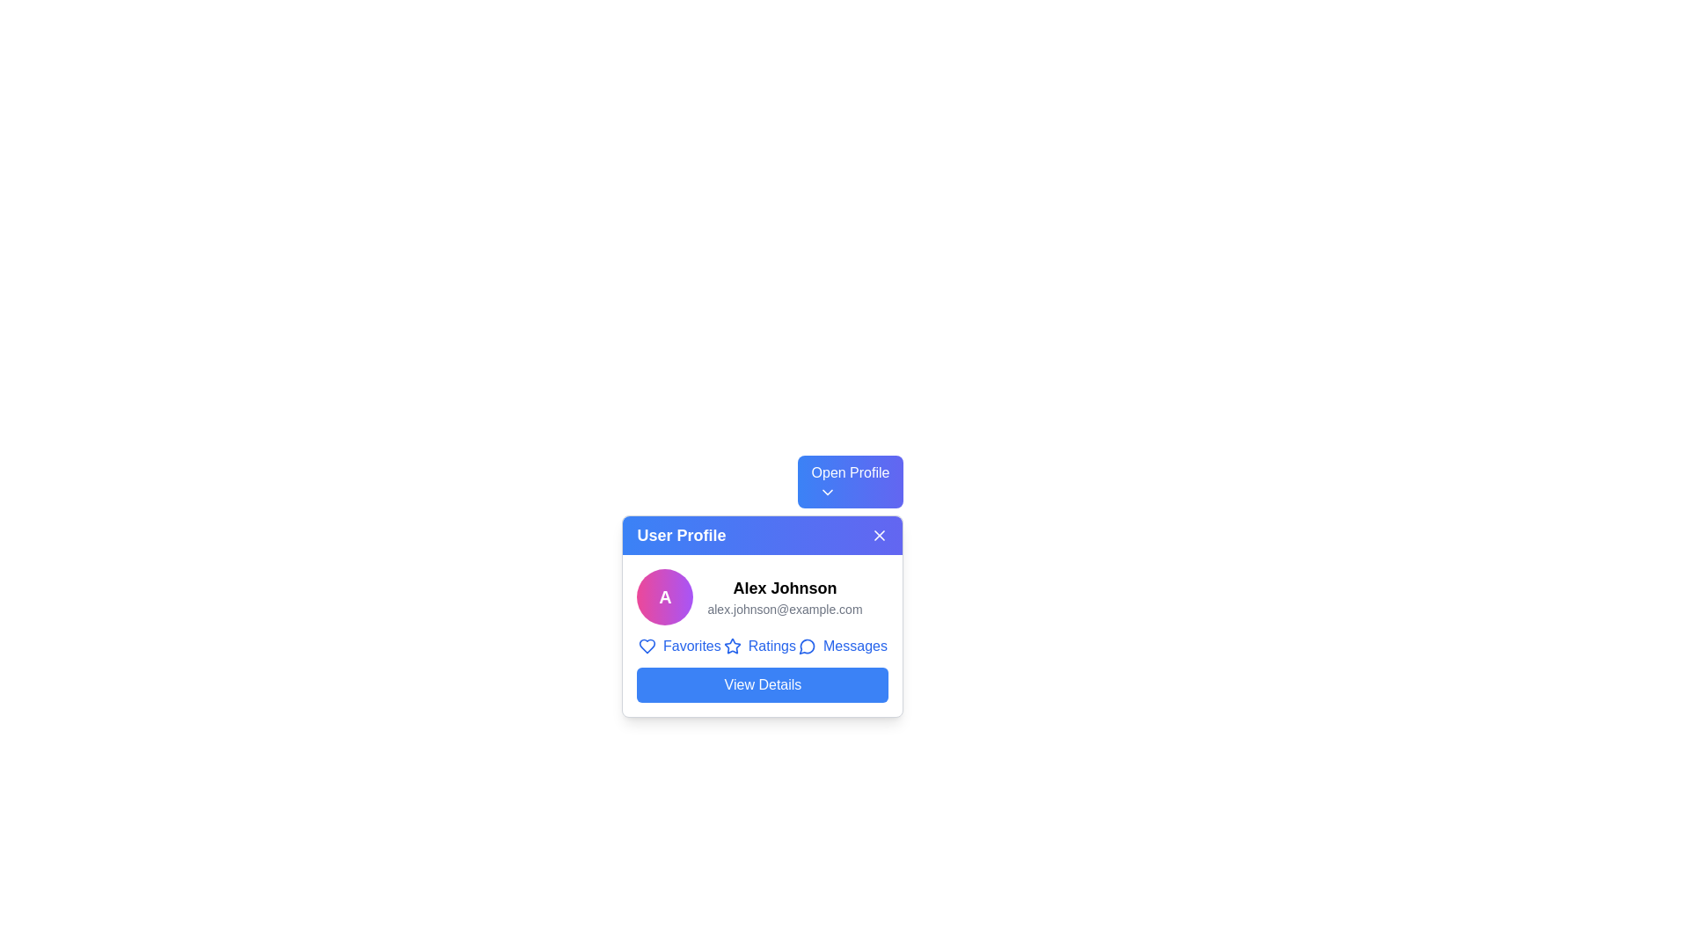 The width and height of the screenshot is (1689, 950). I want to click on the 'Open Profile' button, which is a rectangular button with rounded corners, featuring a gradient background from blue to purple and displaying white text with a downward-pointing chevron icon below it, so click(850, 481).